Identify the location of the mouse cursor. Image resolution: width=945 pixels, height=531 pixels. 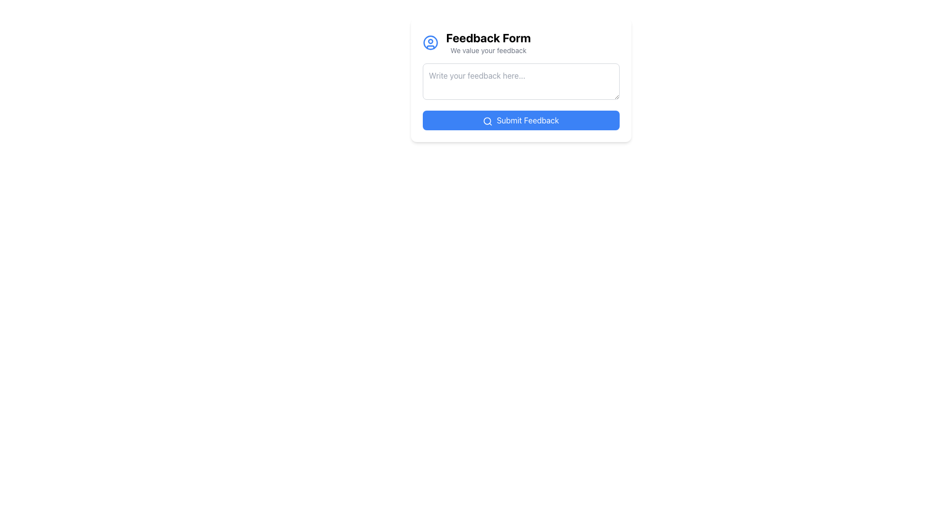
(520, 79).